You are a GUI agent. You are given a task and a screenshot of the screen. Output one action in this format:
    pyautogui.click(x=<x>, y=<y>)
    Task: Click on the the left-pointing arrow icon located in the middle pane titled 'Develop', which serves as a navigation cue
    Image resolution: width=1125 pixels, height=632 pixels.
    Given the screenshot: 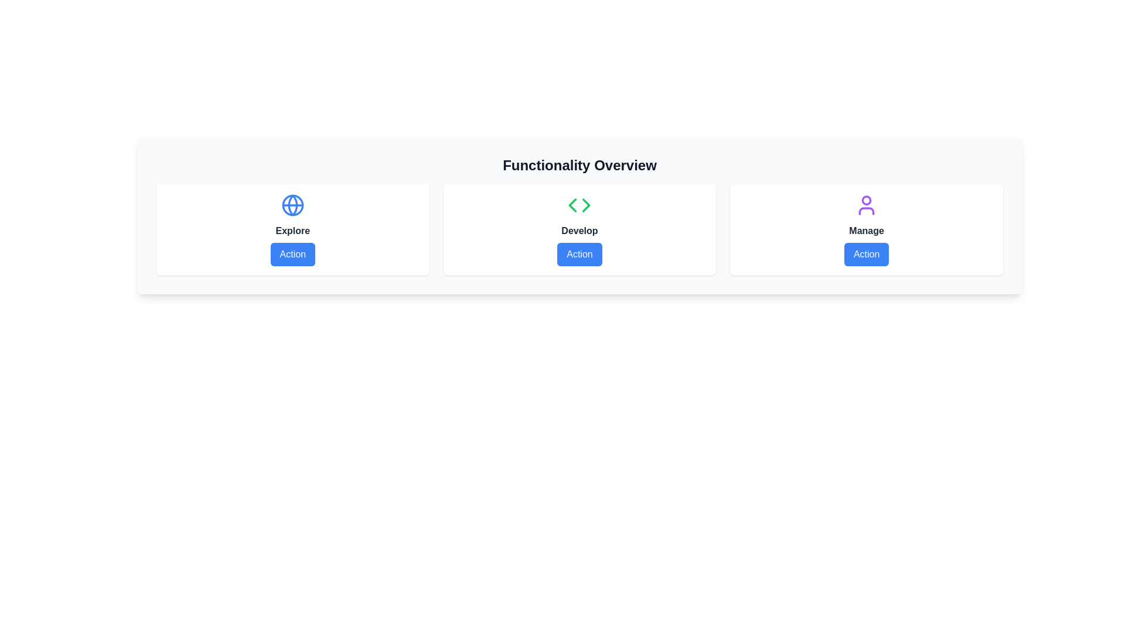 What is the action you would take?
    pyautogui.click(x=572, y=205)
    